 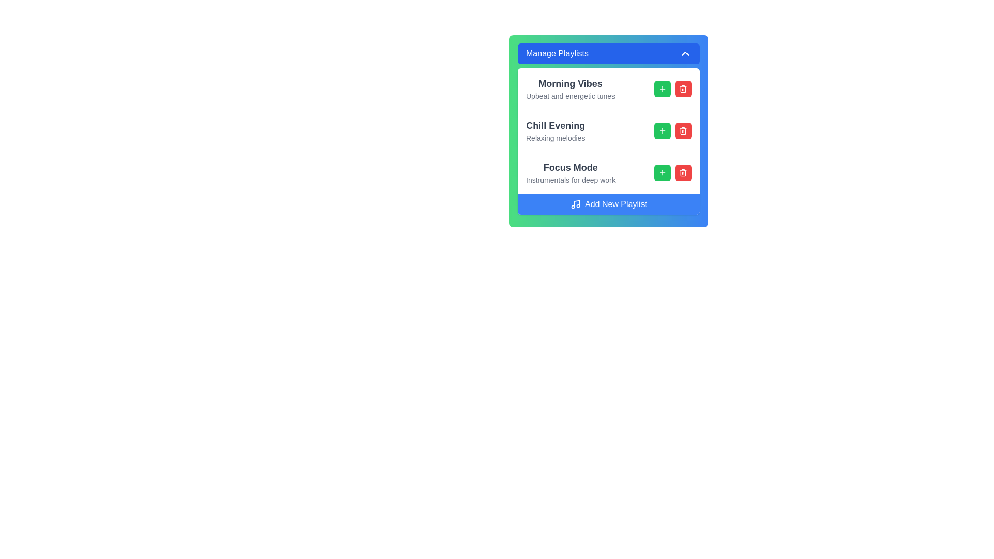 What do you see at coordinates (575, 204) in the screenshot?
I see `the music icon located at the top-left corner of the 'Add New Playlist' button, which features a note symbol on a blue background` at bounding box center [575, 204].